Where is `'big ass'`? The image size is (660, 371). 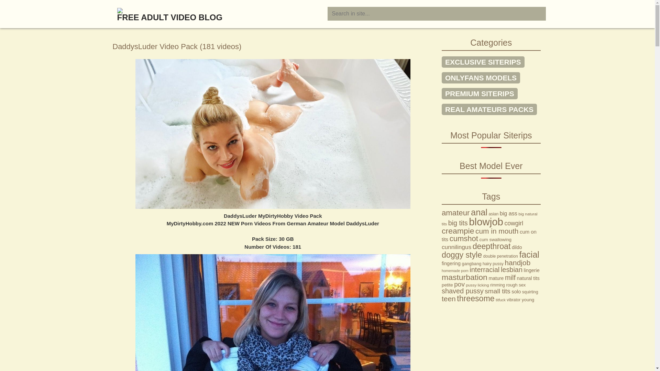
'big ass' is located at coordinates (500, 213).